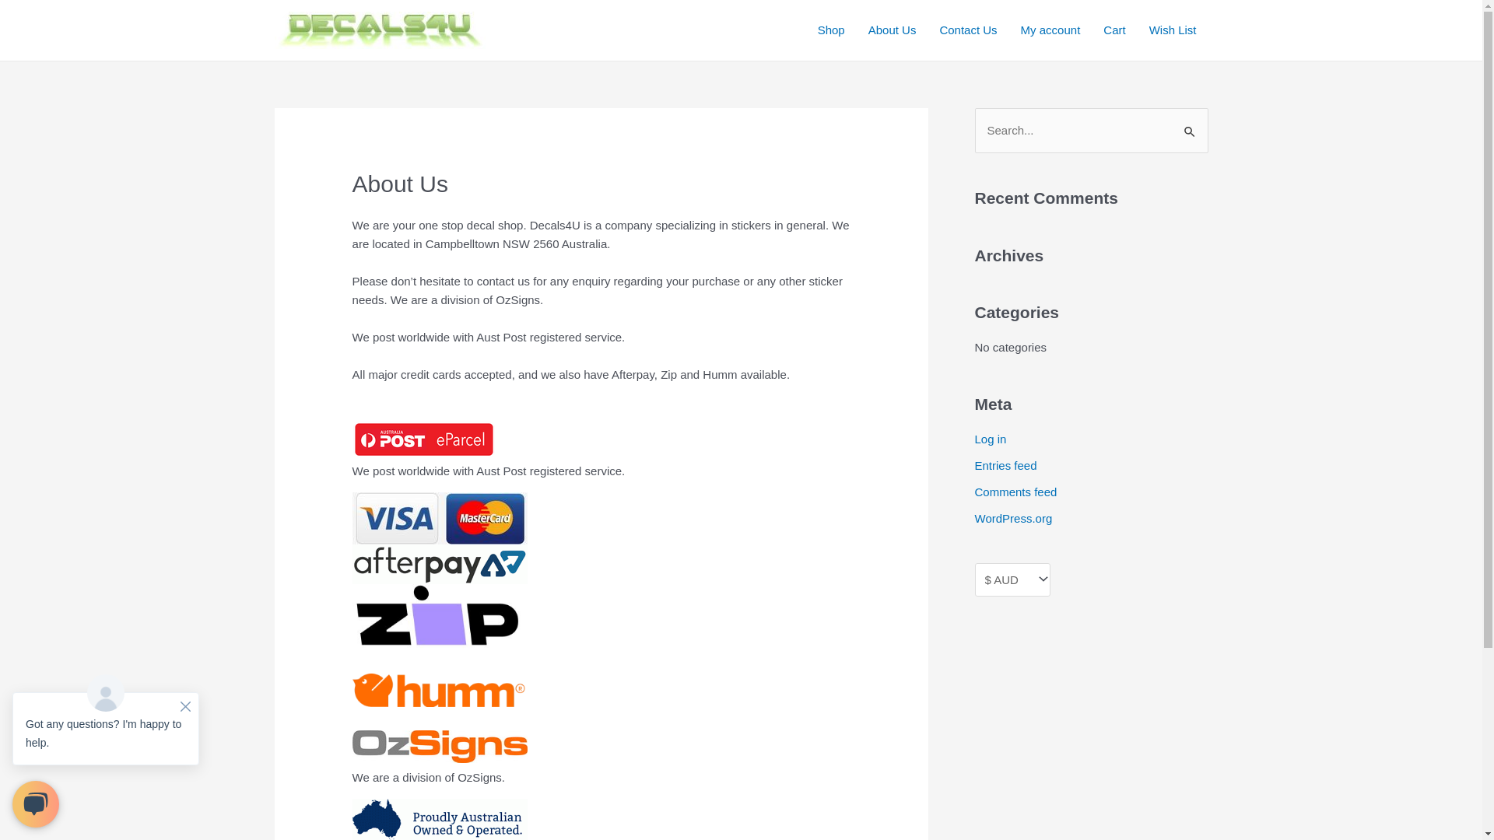 The image size is (1494, 840). Describe the element at coordinates (966, 30) in the screenshot. I see `'Contact Us'` at that location.